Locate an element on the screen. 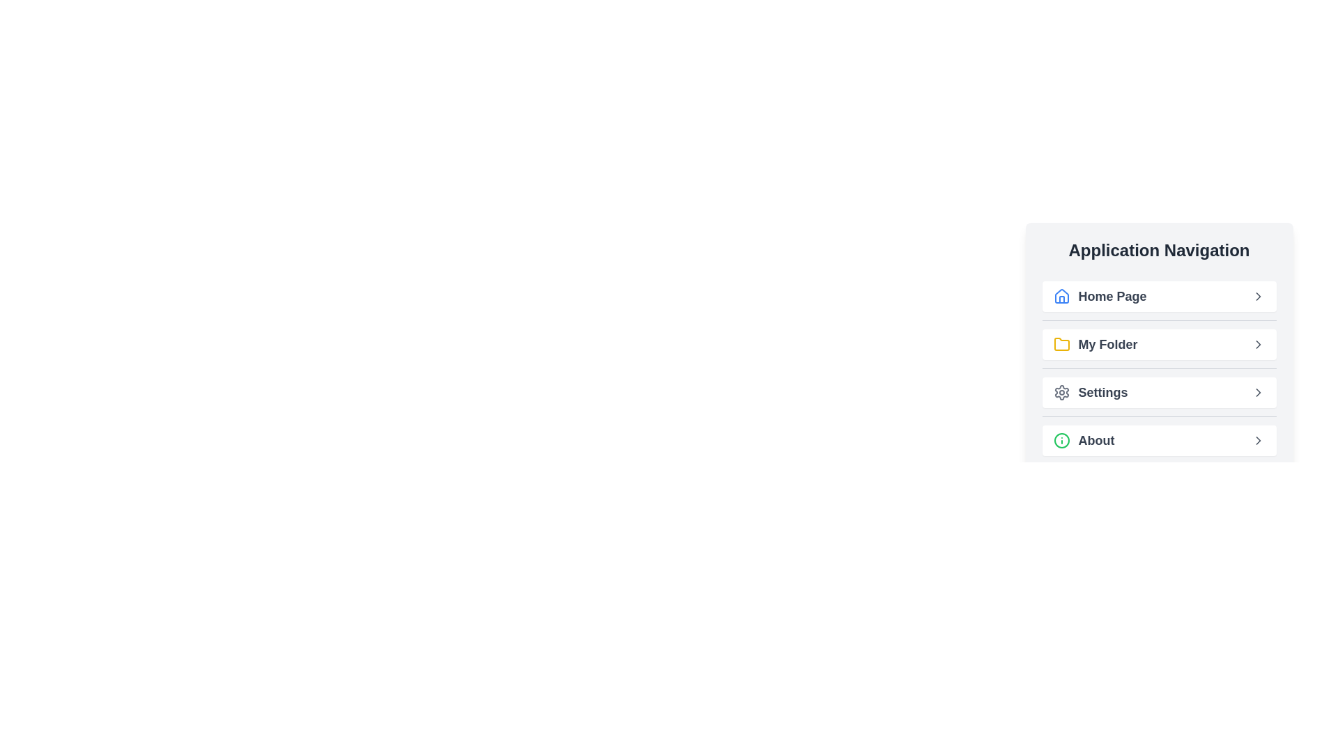 Image resolution: width=1338 pixels, height=752 pixels. the second entry in the navigation menu labeled 'My Folder' to interact via keyboard is located at coordinates (1095, 344).